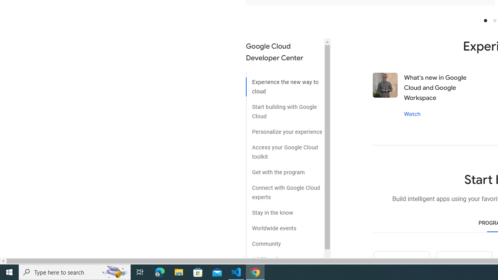  What do you see at coordinates (284, 128) in the screenshot?
I see `'Personalize your experience'` at bounding box center [284, 128].